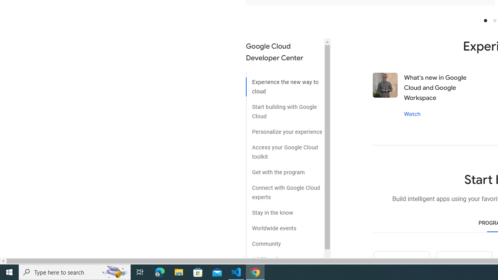  What do you see at coordinates (284, 128) in the screenshot?
I see `'Personalize your experience'` at bounding box center [284, 128].